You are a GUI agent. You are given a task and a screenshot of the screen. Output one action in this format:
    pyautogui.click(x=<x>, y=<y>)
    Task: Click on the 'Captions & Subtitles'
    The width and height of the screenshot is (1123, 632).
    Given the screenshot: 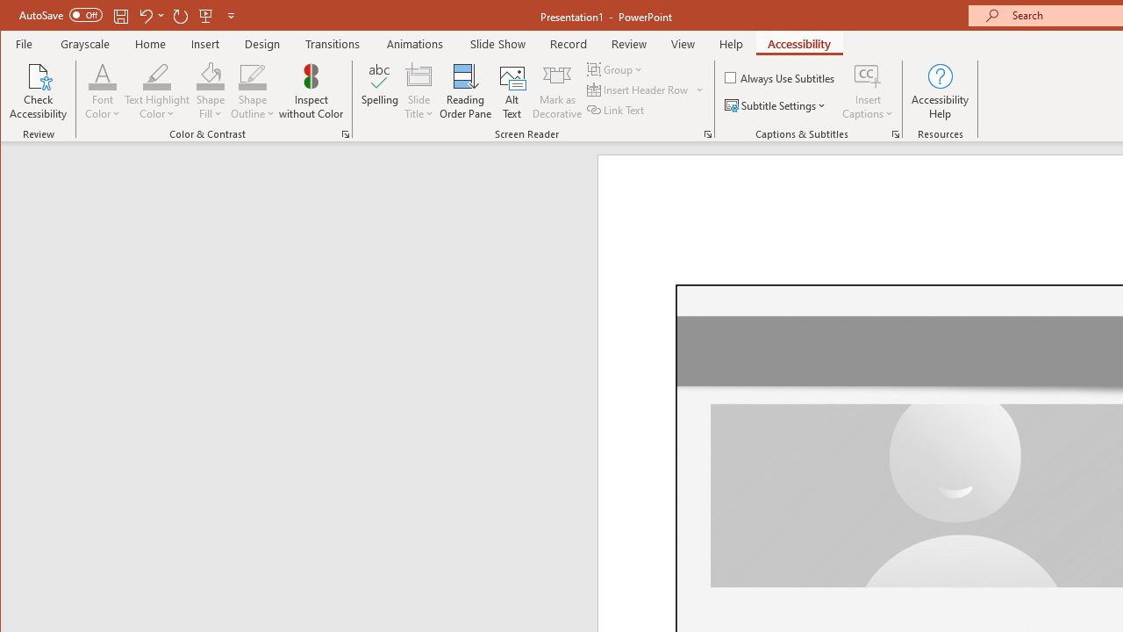 What is the action you would take?
    pyautogui.click(x=895, y=133)
    